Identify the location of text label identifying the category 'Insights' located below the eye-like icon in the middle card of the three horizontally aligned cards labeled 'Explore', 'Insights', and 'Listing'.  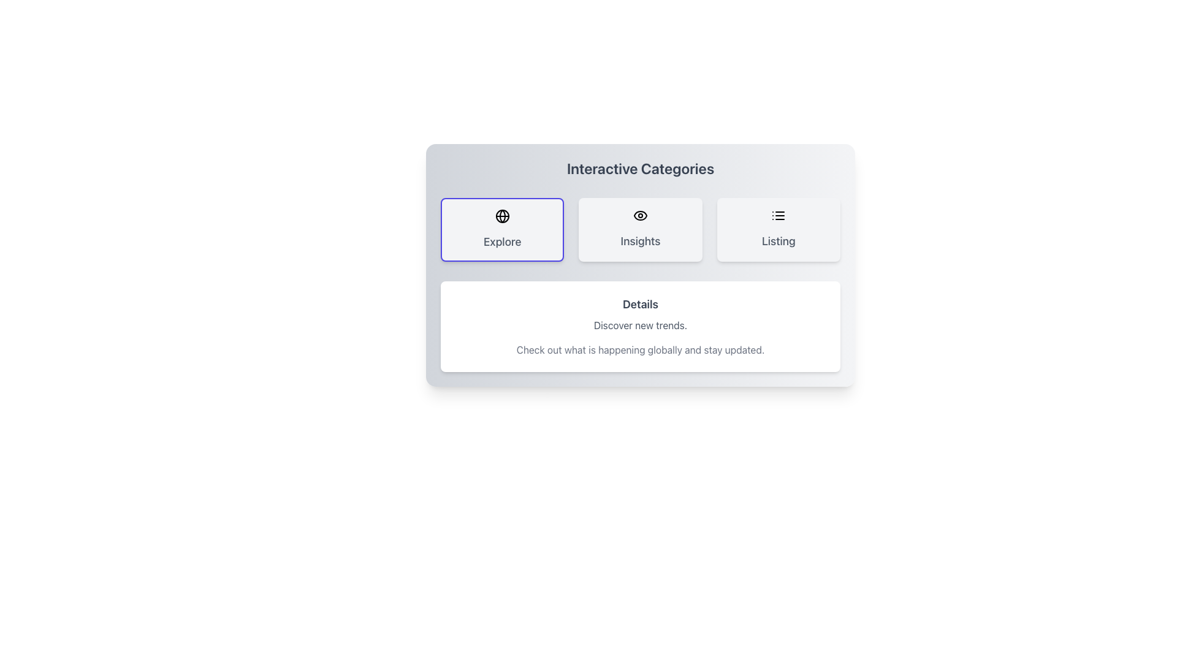
(640, 241).